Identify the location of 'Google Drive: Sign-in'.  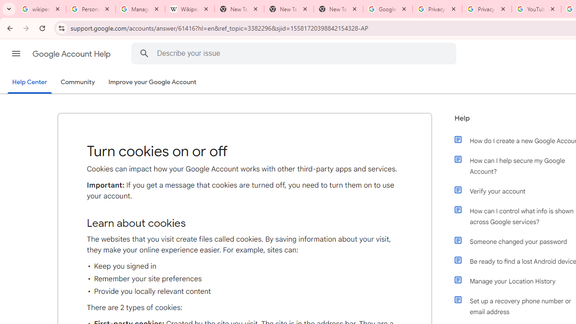
(387, 9).